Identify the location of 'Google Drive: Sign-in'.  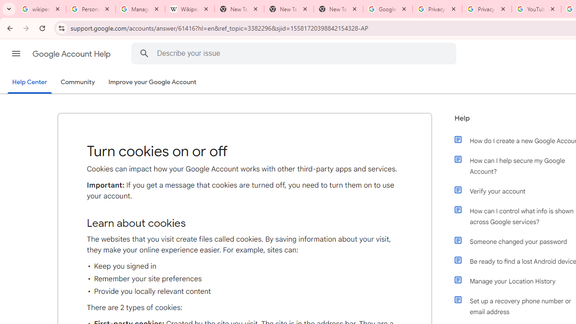
(387, 9).